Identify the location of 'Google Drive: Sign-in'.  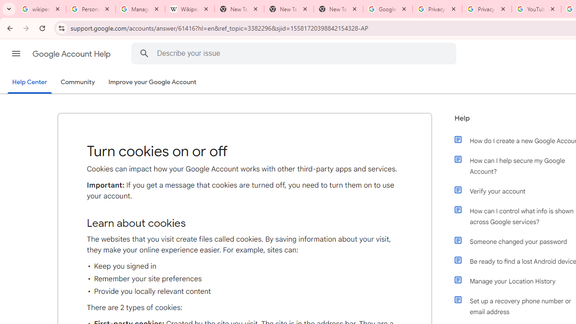
(387, 9).